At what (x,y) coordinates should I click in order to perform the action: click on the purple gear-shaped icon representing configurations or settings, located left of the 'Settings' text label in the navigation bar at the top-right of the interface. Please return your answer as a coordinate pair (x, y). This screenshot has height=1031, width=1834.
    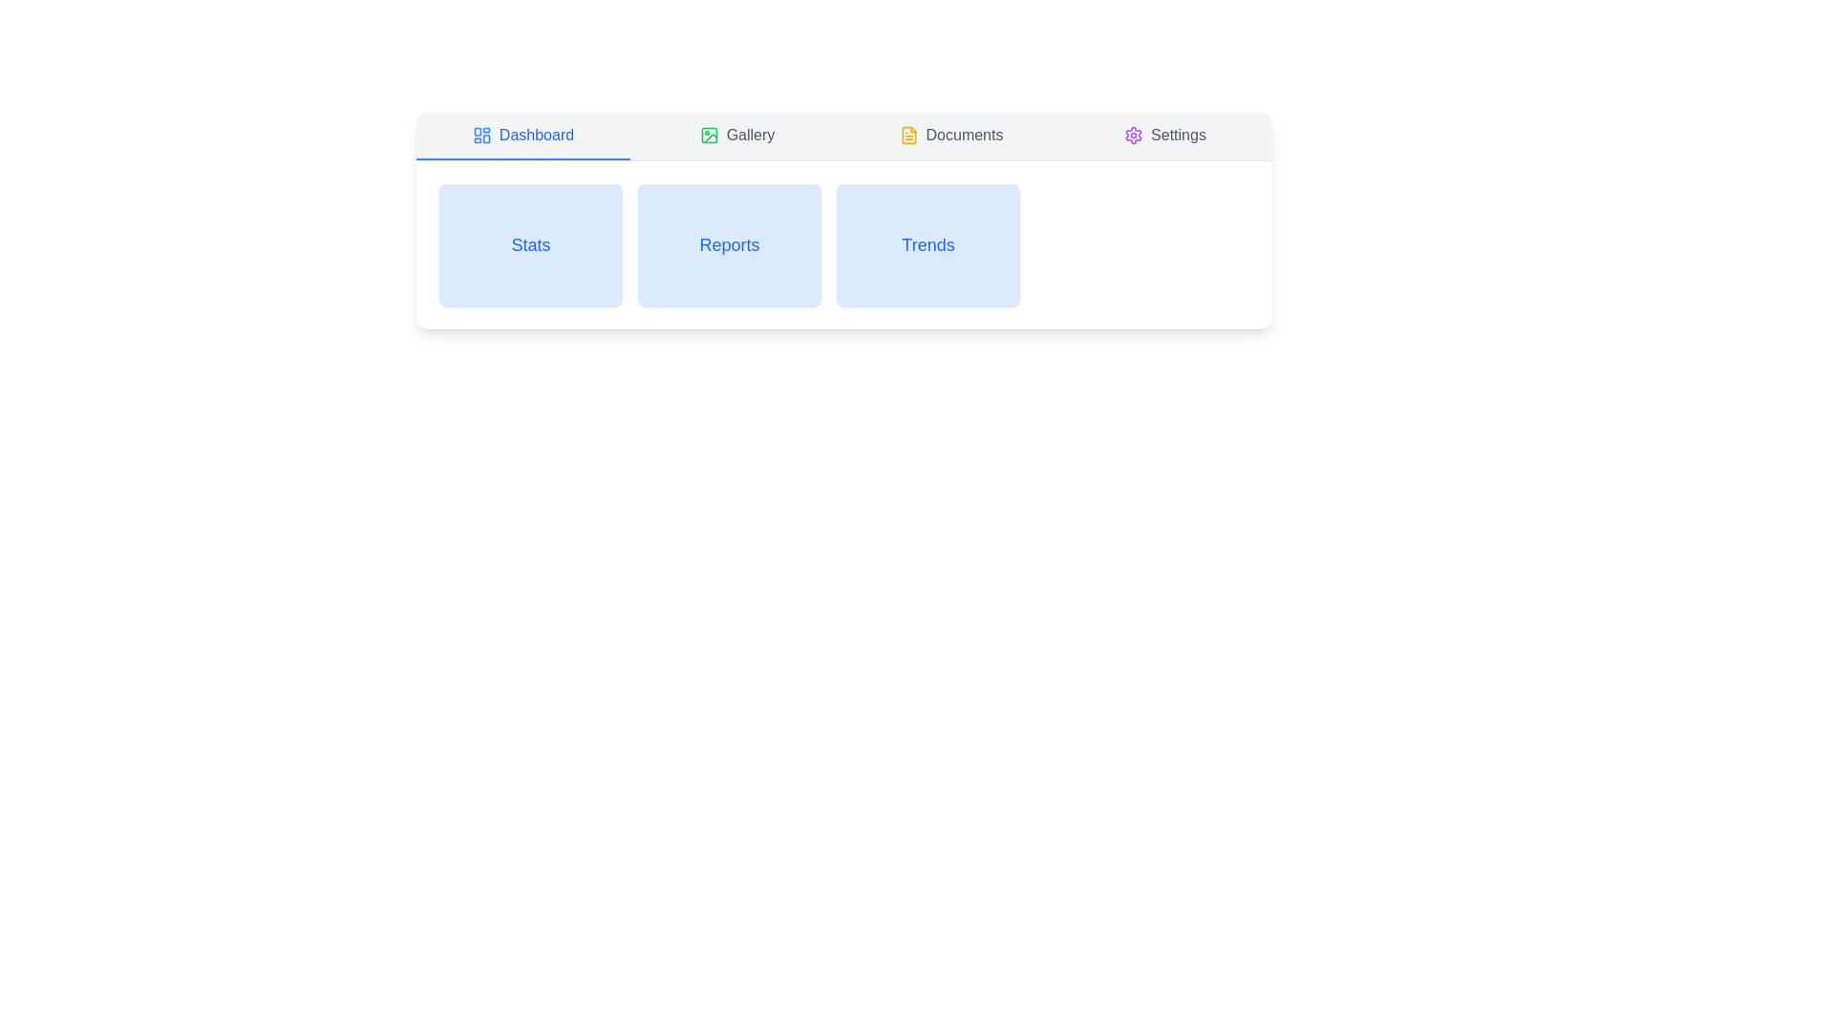
    Looking at the image, I should click on (1134, 135).